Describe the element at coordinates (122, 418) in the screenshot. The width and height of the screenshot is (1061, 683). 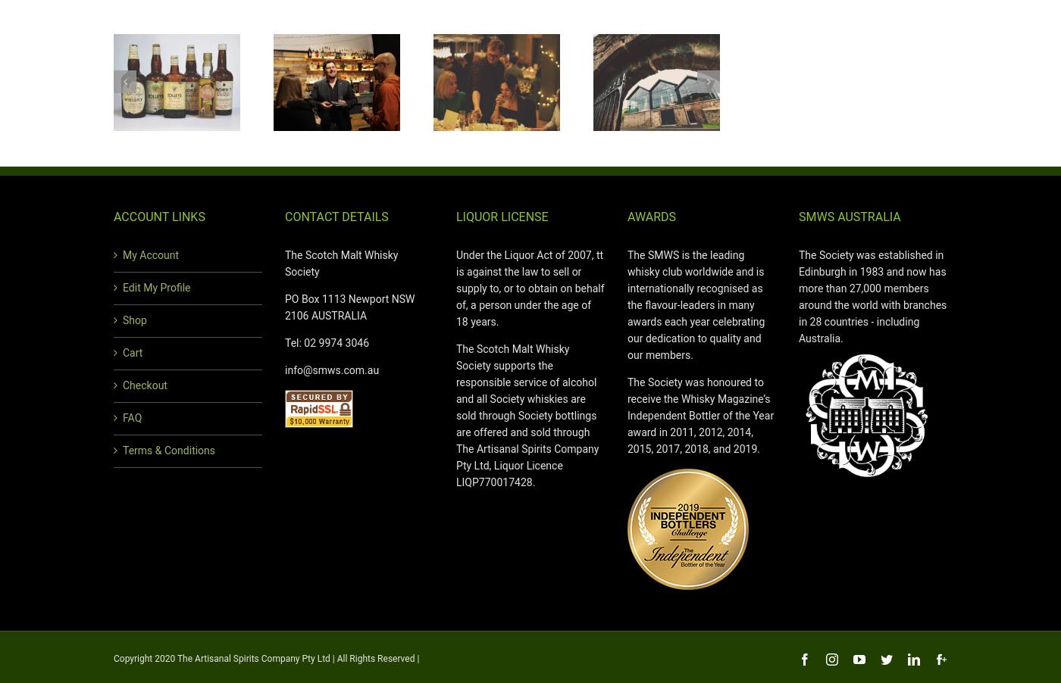
I see `'FAQ'` at that location.